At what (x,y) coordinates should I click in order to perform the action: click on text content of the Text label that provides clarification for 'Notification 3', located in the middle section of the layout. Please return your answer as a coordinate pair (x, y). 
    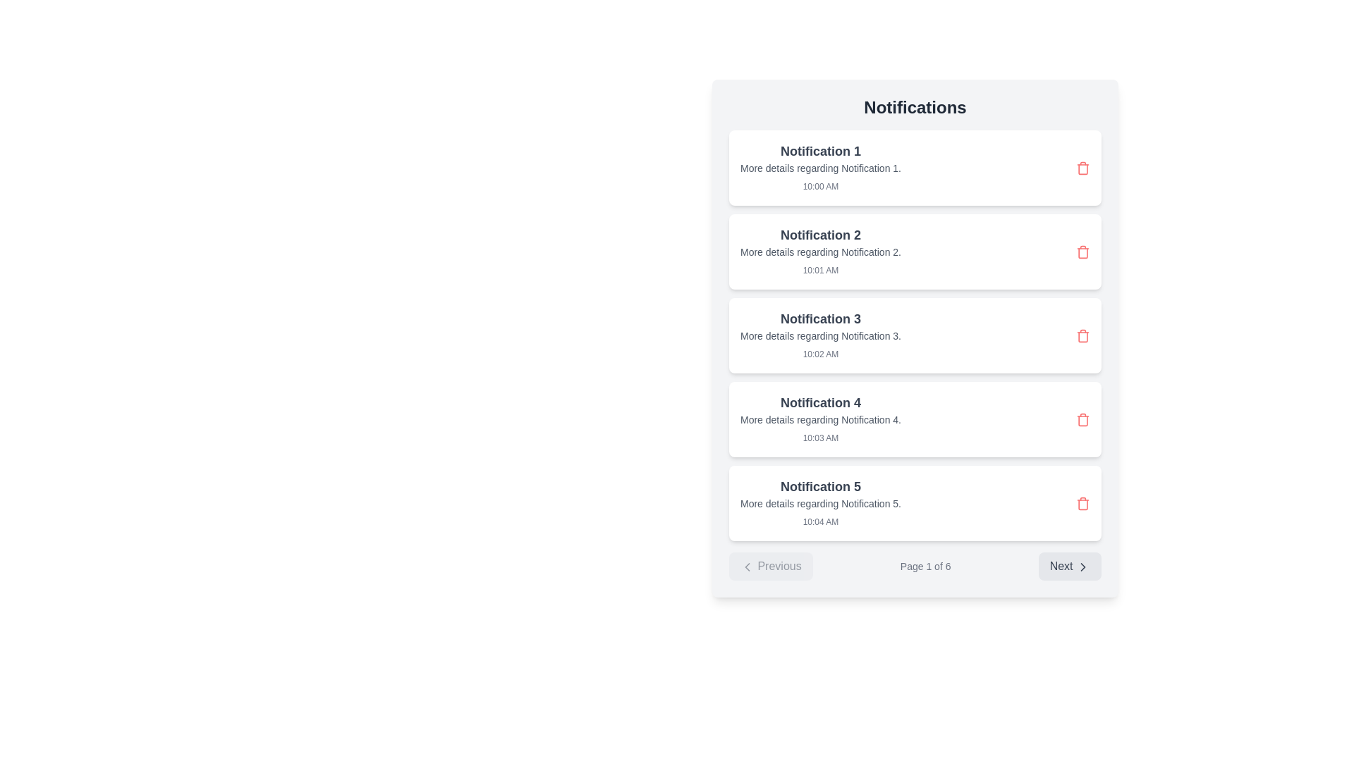
    Looking at the image, I should click on (821, 336).